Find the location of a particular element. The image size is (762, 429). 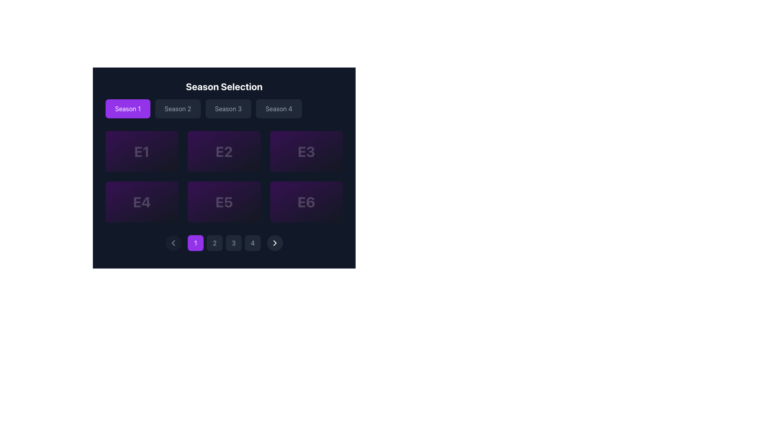

the element labeled 'E1', which is positioned in the first row and first column of a grid layout is located at coordinates (142, 151).